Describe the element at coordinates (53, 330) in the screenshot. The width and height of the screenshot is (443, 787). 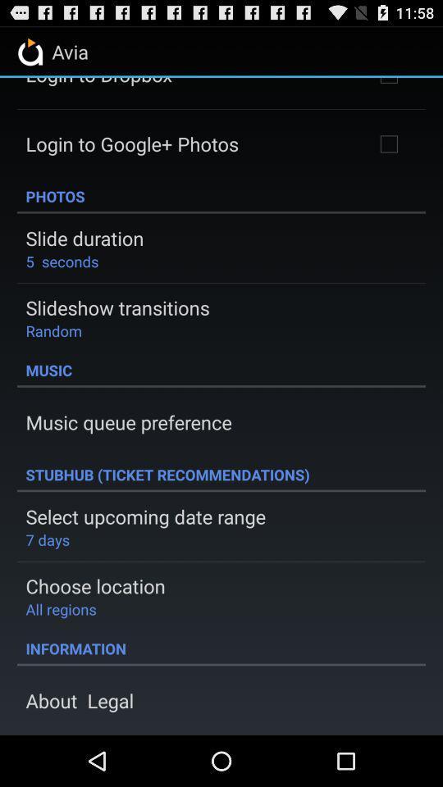
I see `random app` at that location.